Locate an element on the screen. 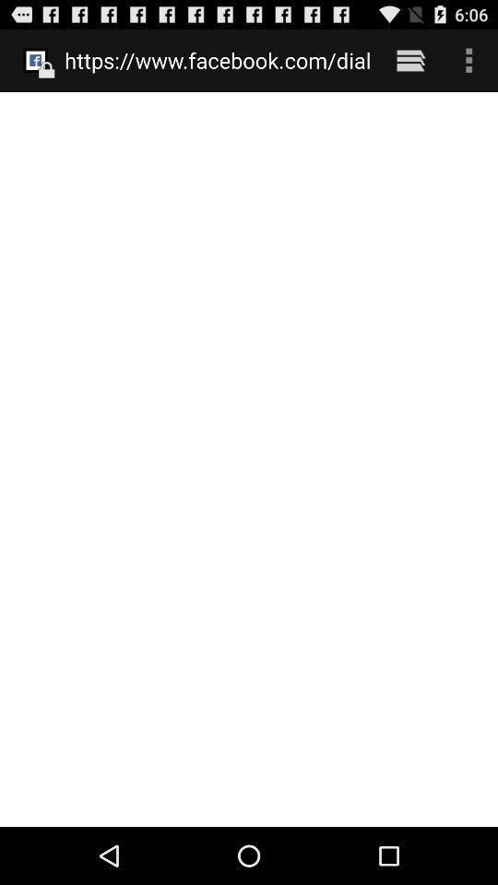  the item at the top is located at coordinates (217, 60).